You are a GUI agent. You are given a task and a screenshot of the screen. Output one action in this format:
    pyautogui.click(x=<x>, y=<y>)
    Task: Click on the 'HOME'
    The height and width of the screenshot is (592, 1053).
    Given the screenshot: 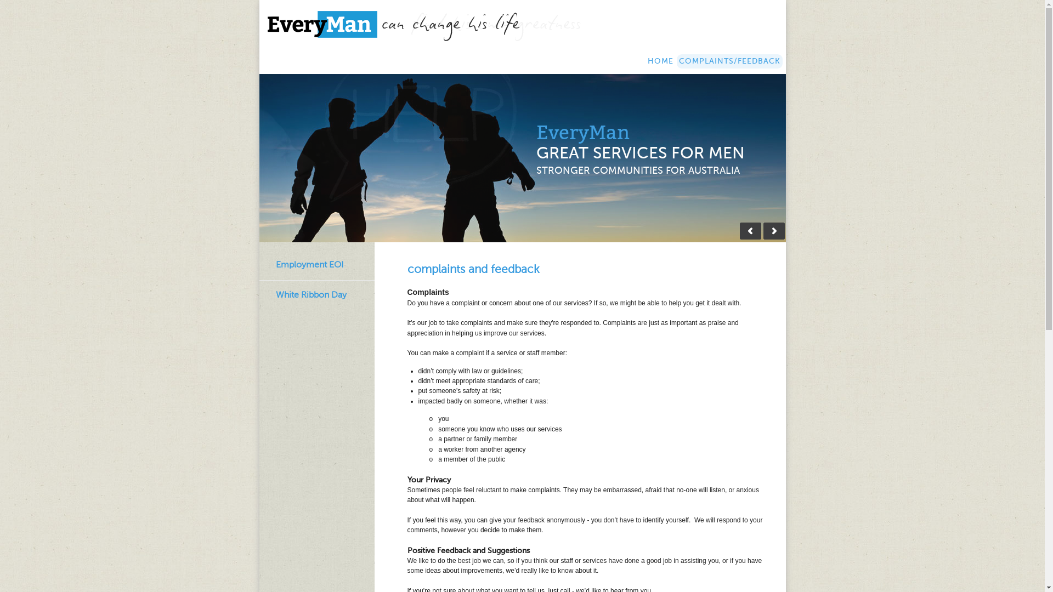 What is the action you would take?
    pyautogui.click(x=659, y=61)
    